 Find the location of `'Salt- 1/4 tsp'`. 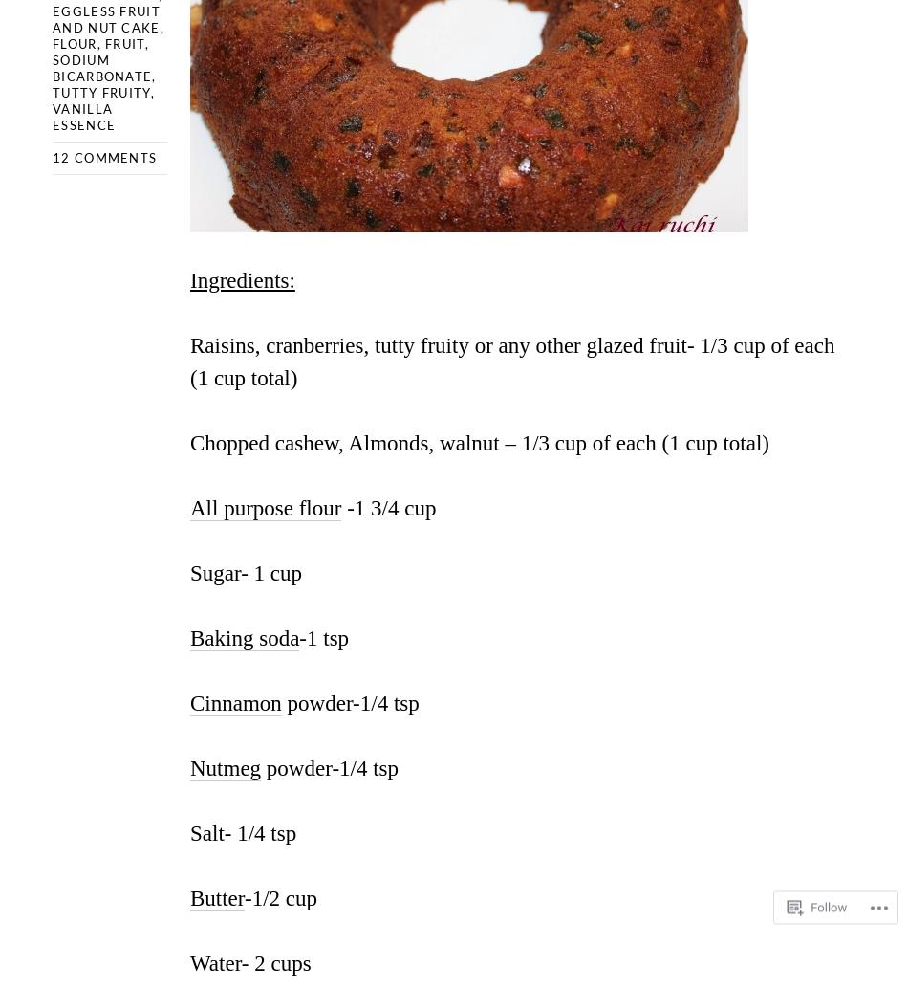

'Salt- 1/4 tsp' is located at coordinates (242, 832).